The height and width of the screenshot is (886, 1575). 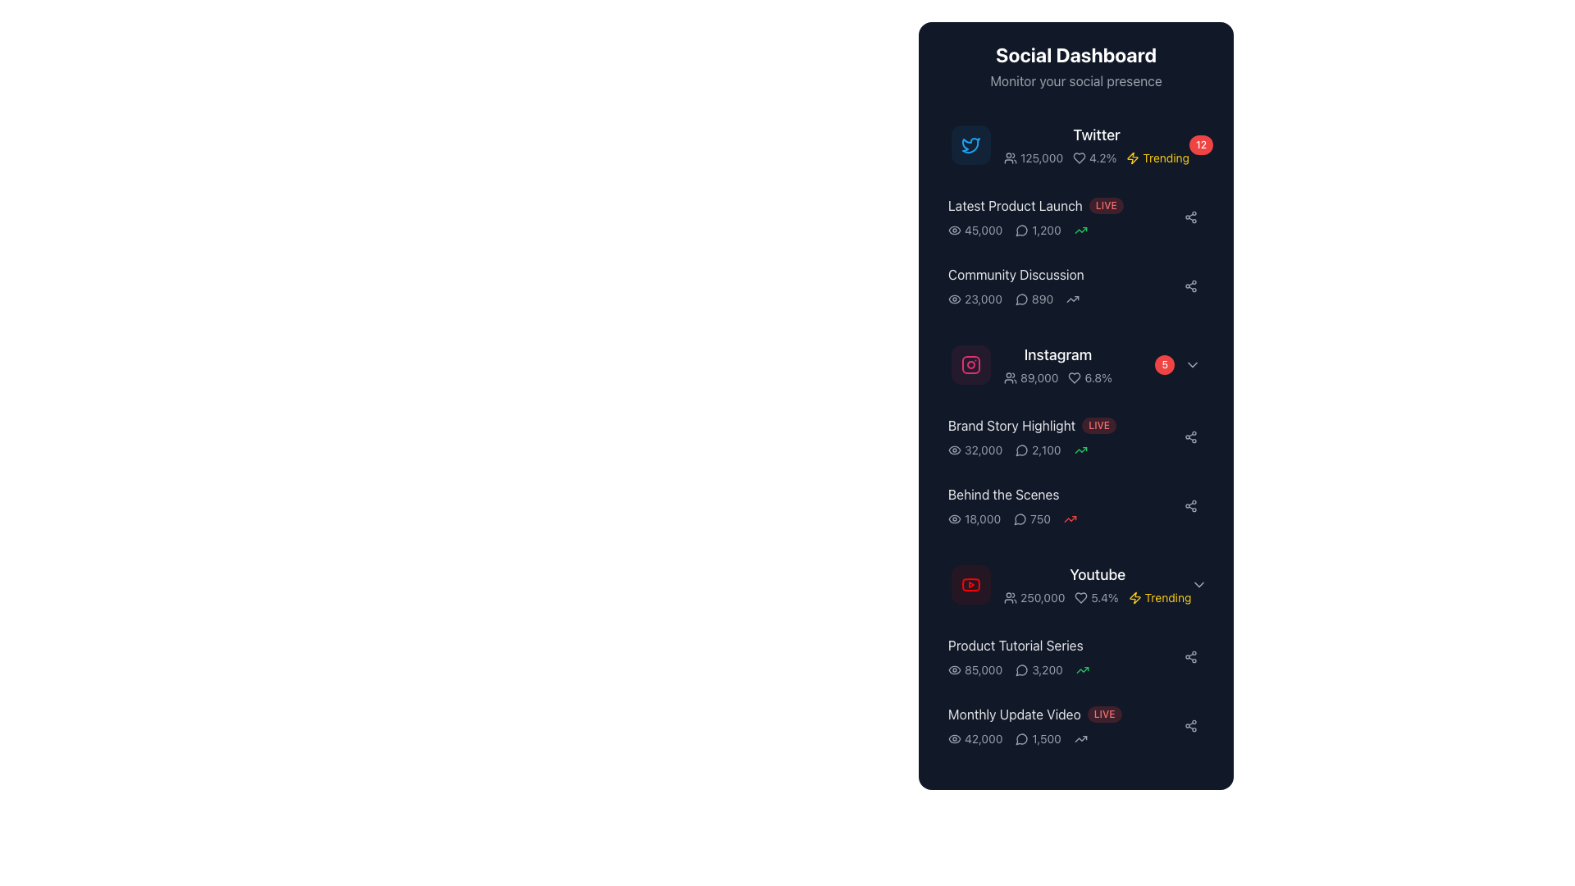 I want to click on the Instagram label, which is a non-interactive element identifying the platform within the social dashboard interface, so click(x=1057, y=354).